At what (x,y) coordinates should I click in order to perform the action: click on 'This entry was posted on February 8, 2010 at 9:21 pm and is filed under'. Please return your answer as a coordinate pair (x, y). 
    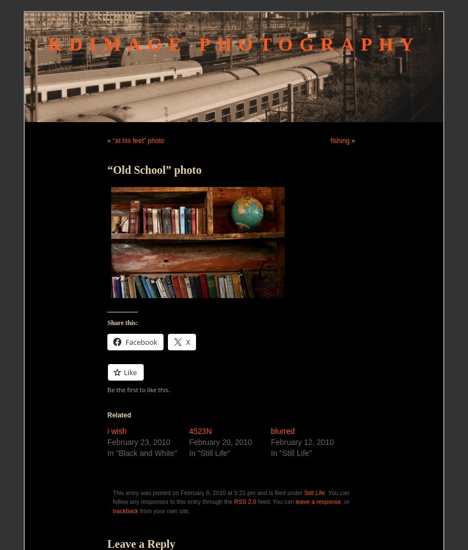
    Looking at the image, I should click on (208, 493).